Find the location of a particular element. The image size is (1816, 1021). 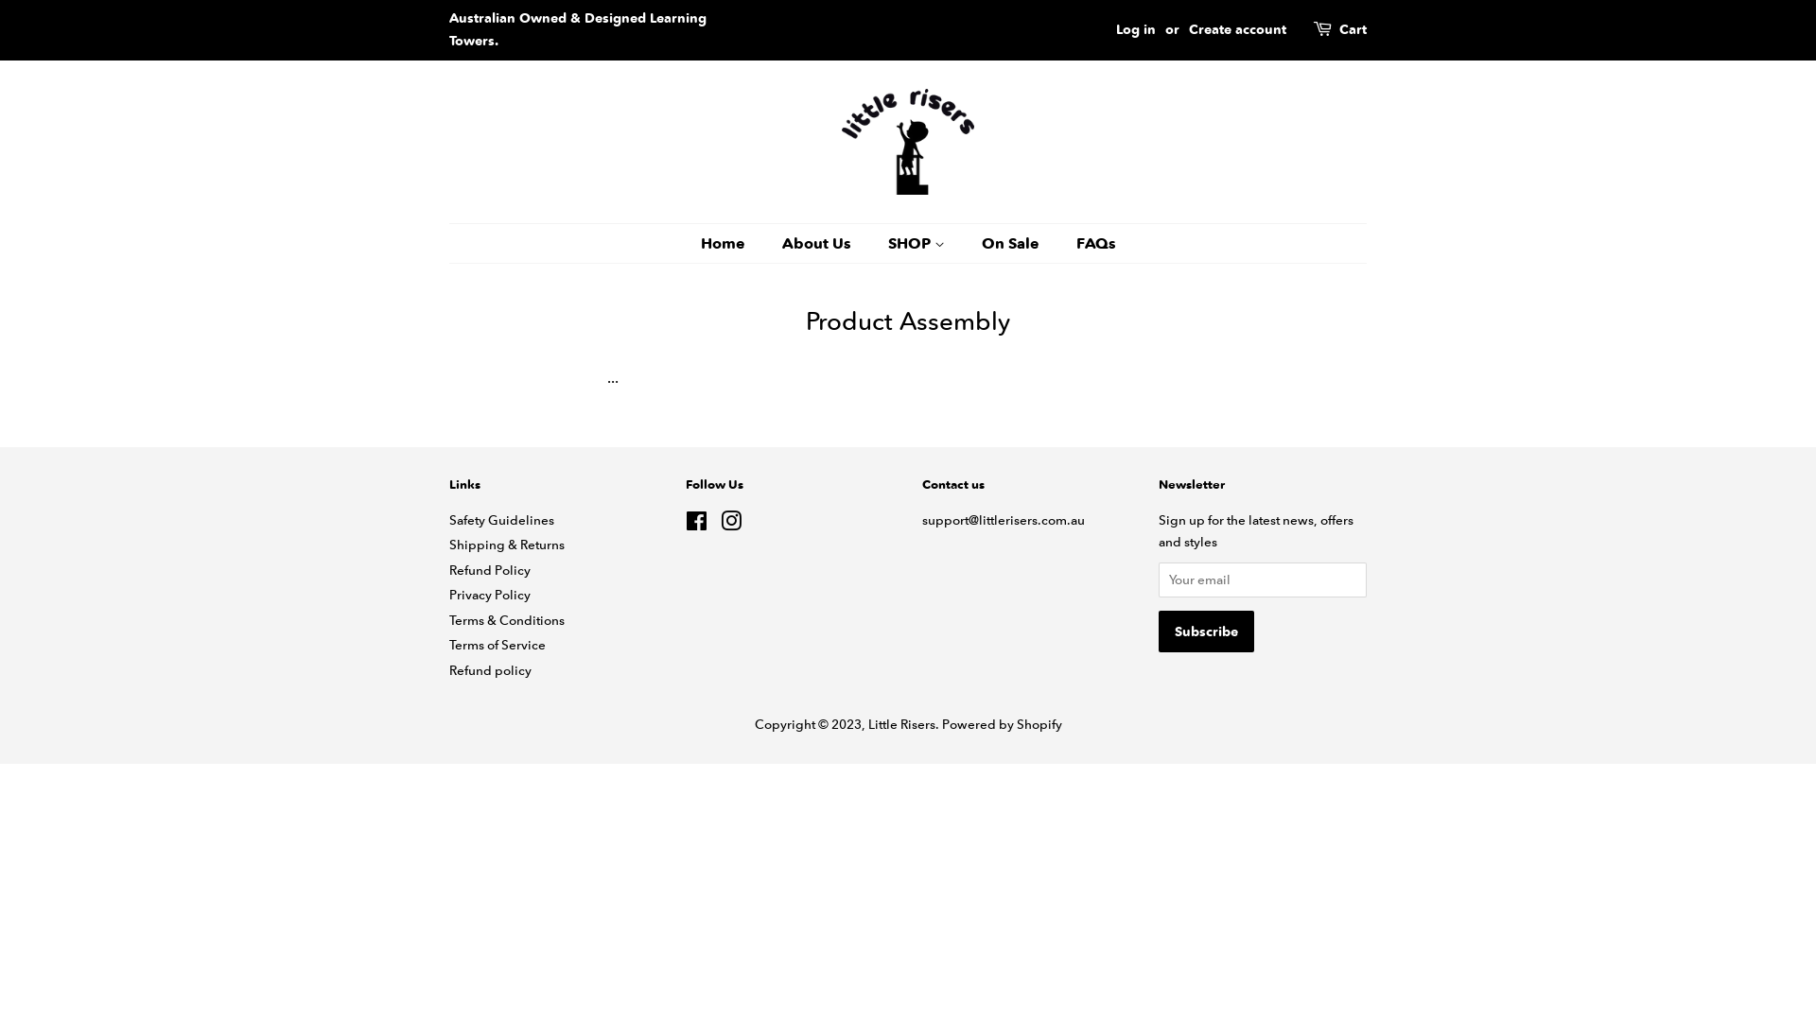

'Refund policy' is located at coordinates (490, 669).